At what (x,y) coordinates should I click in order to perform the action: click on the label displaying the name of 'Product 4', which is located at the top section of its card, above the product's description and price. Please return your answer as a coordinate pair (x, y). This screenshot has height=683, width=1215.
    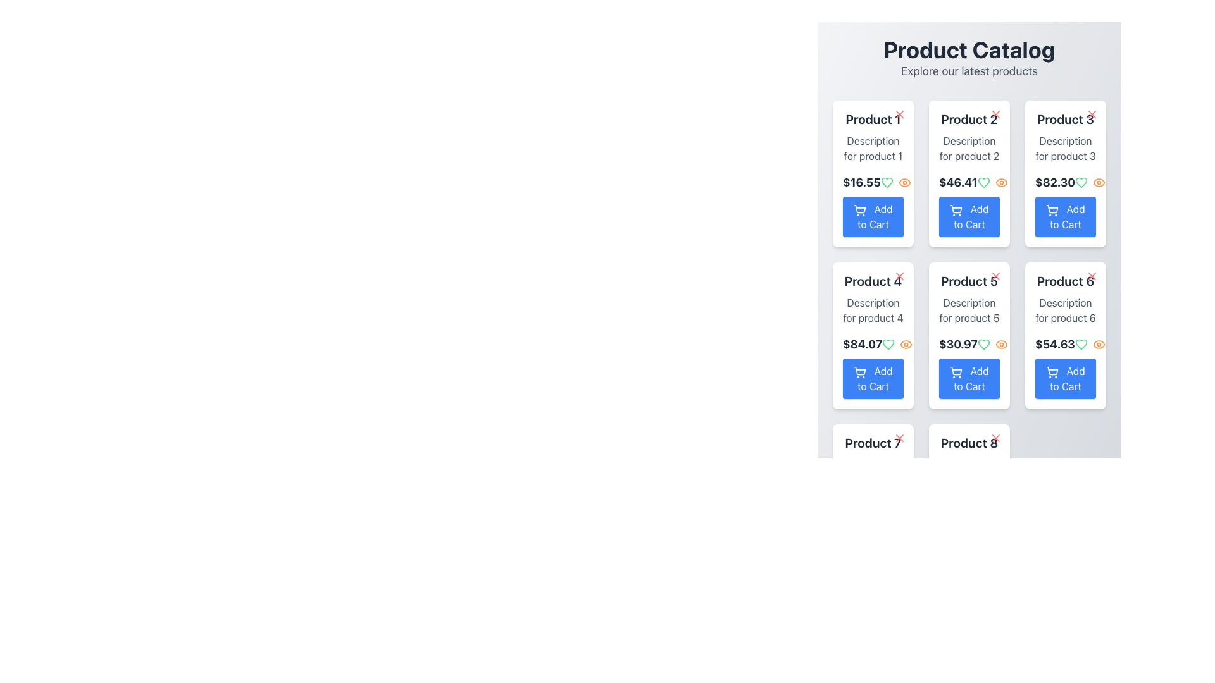
    Looking at the image, I should click on (873, 280).